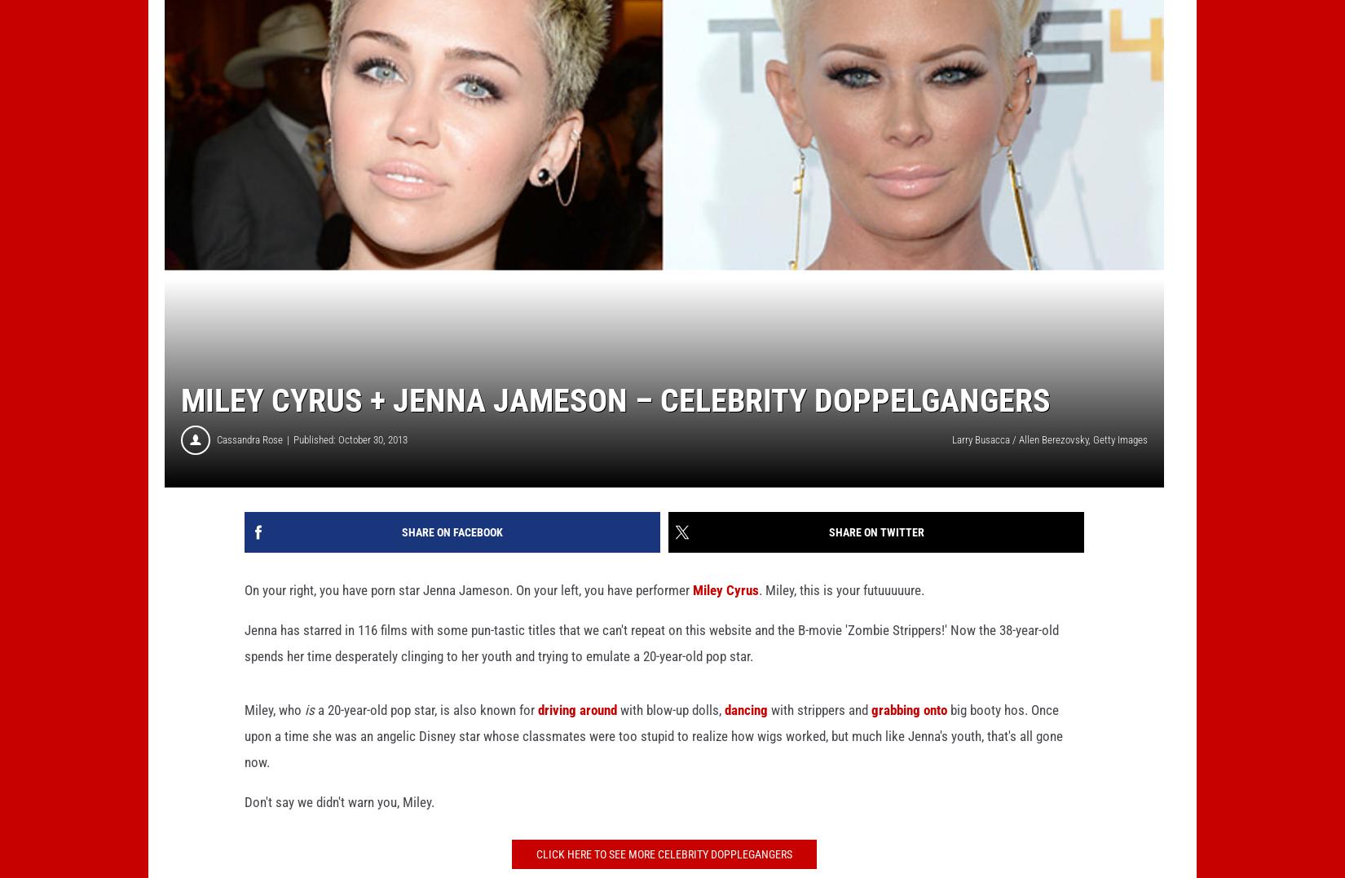  What do you see at coordinates (725, 615) in the screenshot?
I see `'Miley Cyrus'` at bounding box center [725, 615].